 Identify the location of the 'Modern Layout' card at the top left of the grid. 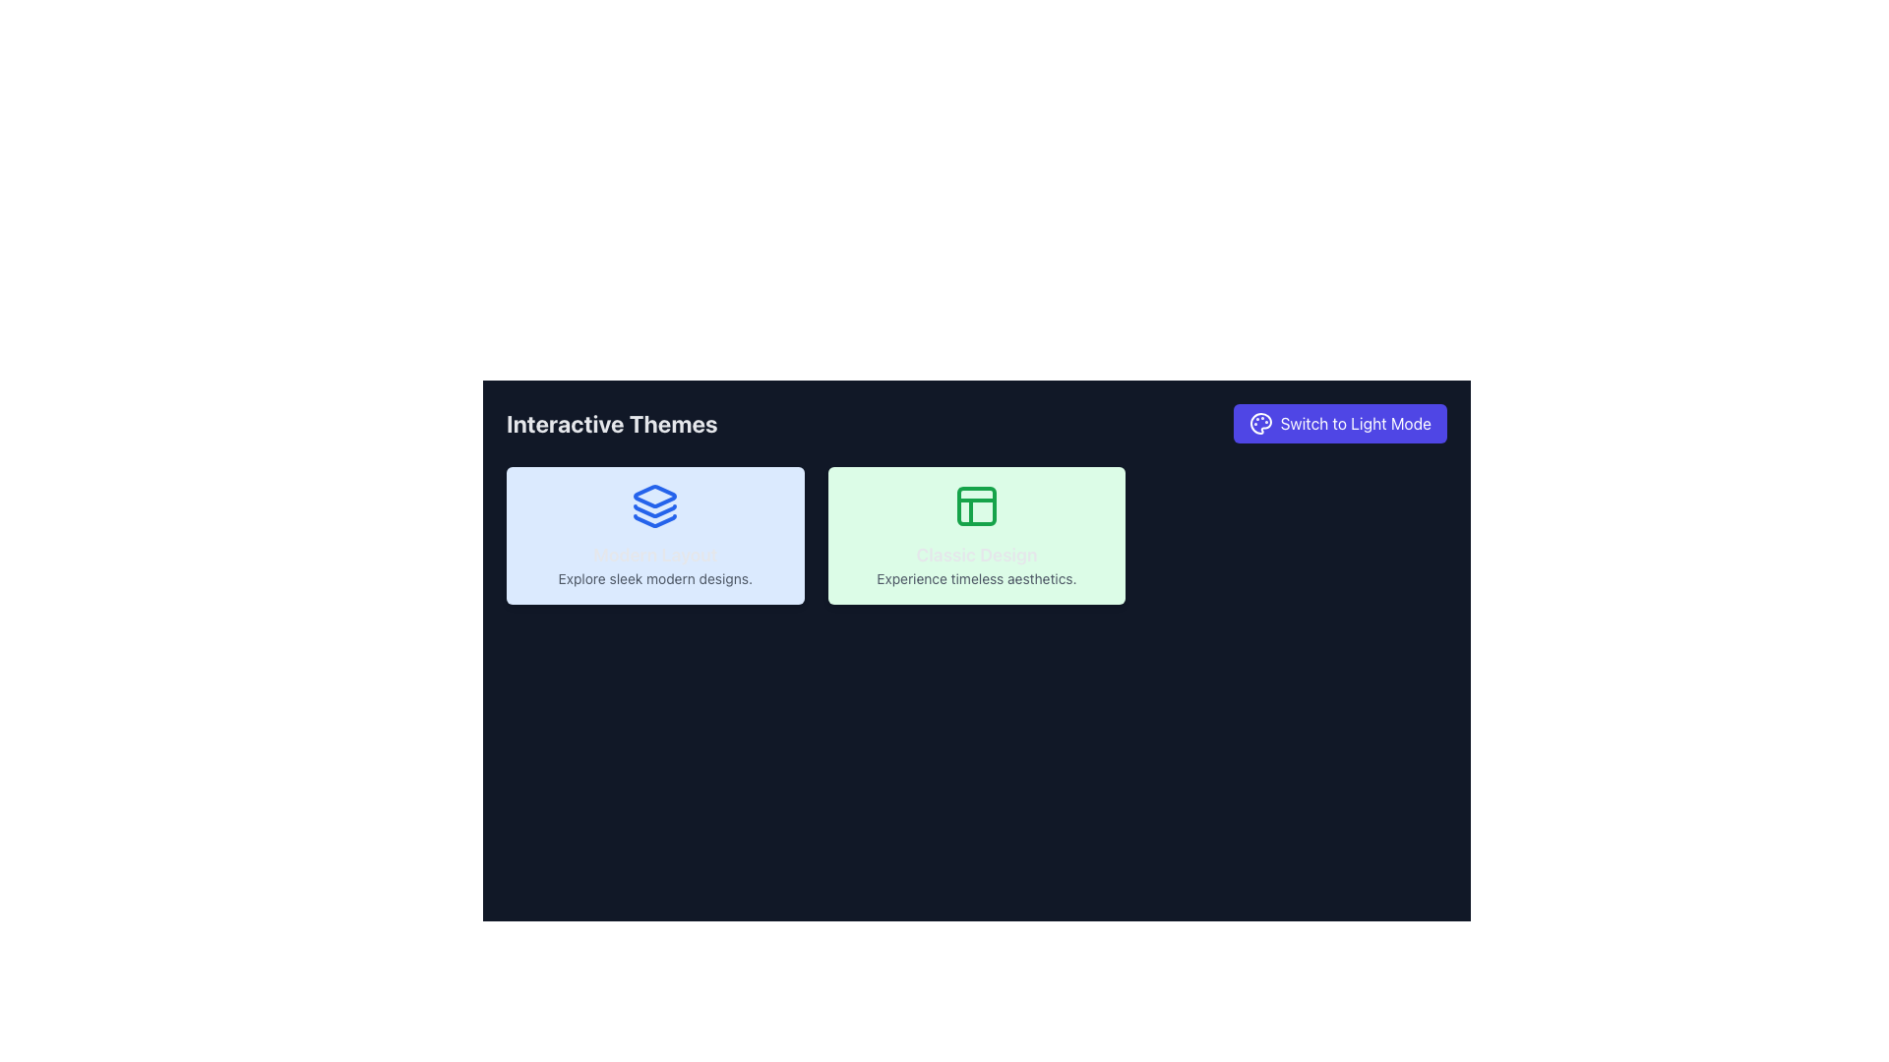
(655, 535).